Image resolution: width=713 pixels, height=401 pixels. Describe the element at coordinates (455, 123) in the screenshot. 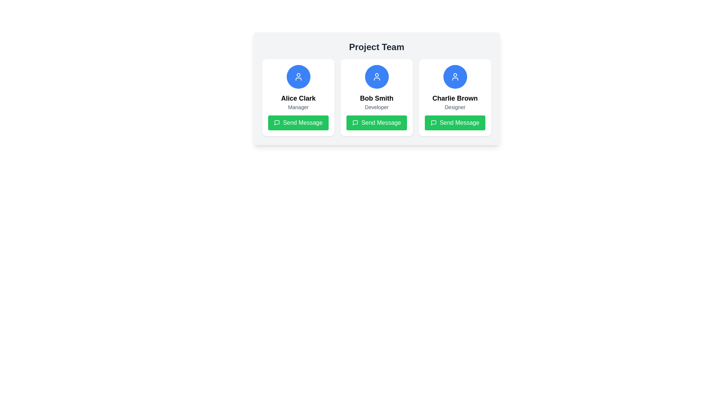

I see `the 'Send Message' button with green background and white text, located in the profile card of 'Charlie Brown Designer'` at that location.